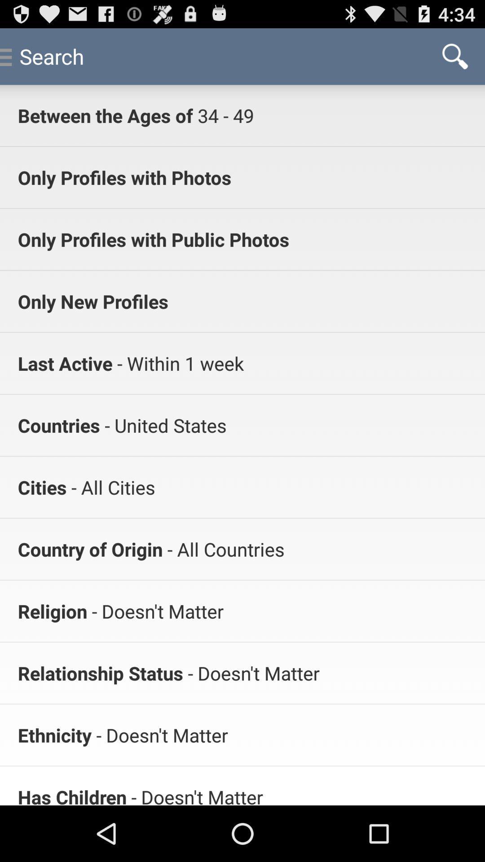 The image size is (485, 862). Describe the element at coordinates (65, 363) in the screenshot. I see `icon to the left of the  - within 1 week app` at that location.